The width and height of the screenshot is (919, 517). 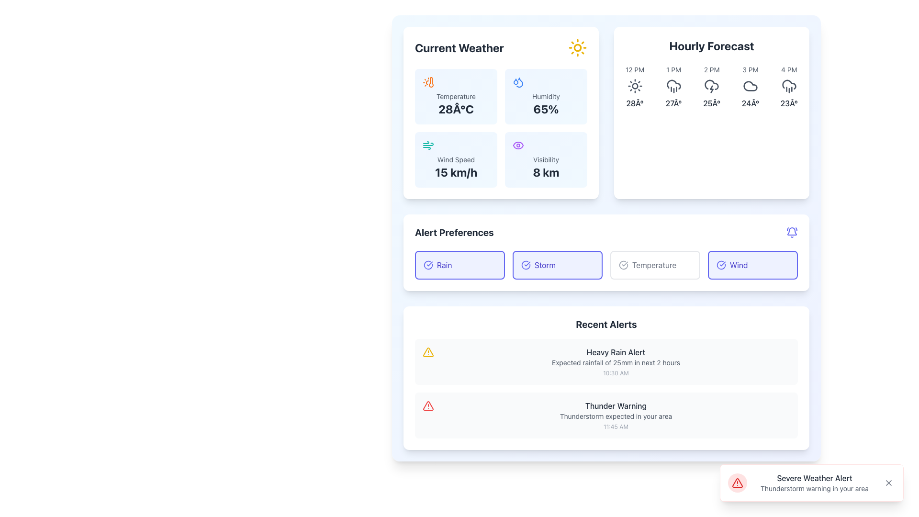 What do you see at coordinates (526, 265) in the screenshot?
I see `the status icon for the 'storm' alert preference located in the 'Alert Preferences' section` at bounding box center [526, 265].